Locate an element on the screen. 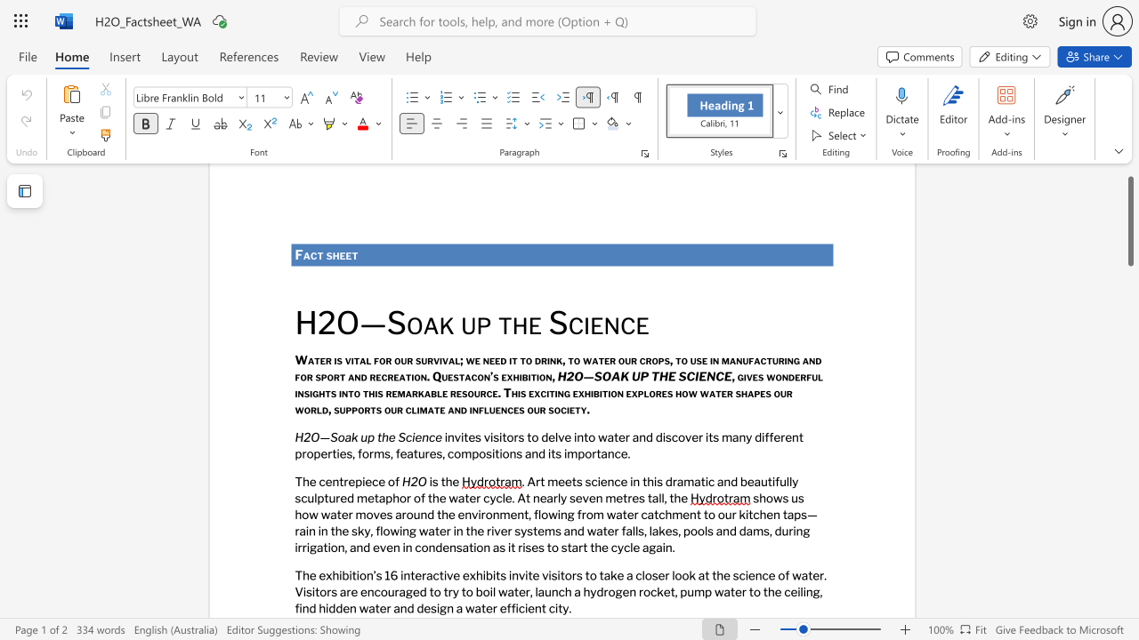 The image size is (1139, 640). the scrollbar and move down 1170 pixels is located at coordinates (1129, 220).